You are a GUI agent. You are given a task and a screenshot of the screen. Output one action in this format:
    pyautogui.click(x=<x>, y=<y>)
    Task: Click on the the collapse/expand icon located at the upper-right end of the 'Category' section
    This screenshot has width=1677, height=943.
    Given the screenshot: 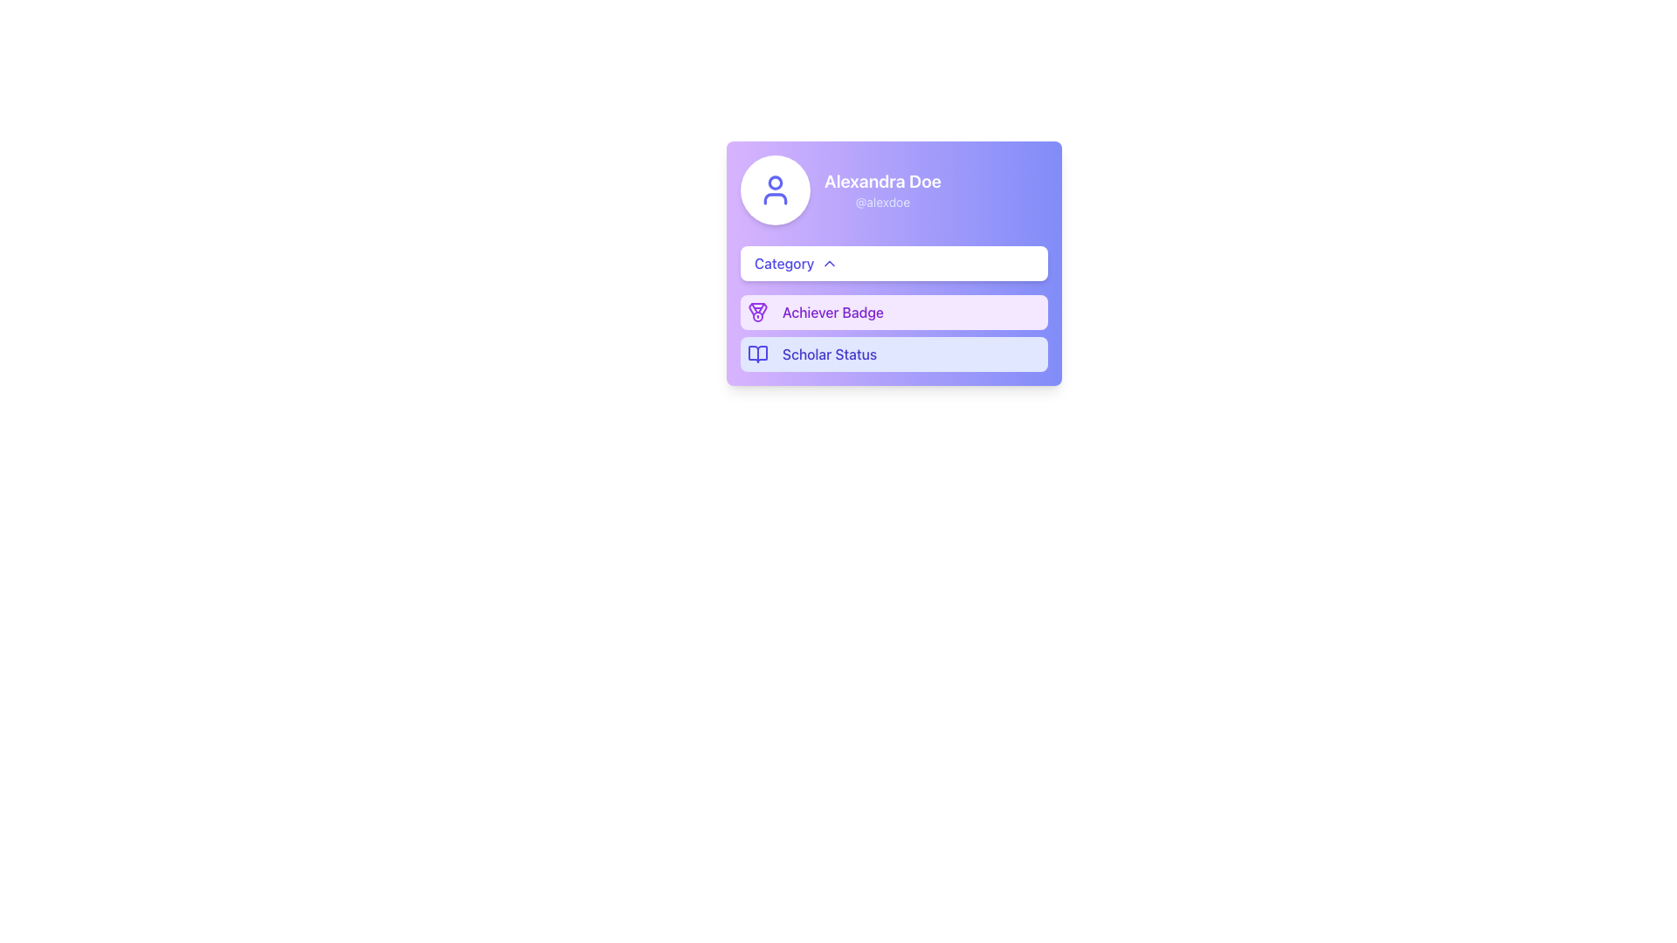 What is the action you would take?
    pyautogui.click(x=829, y=263)
    